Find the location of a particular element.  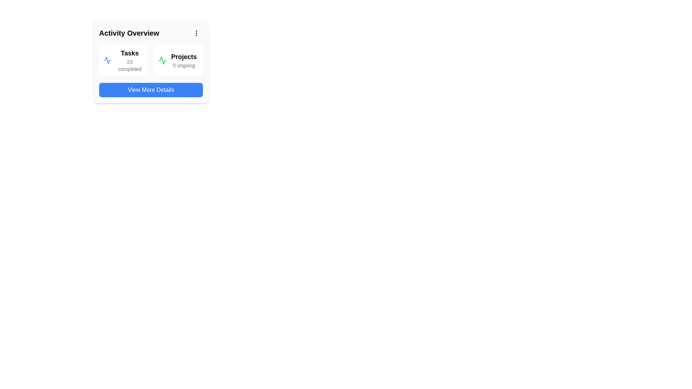

the small graphical activity wave icon with a green stroke located at the top-left corner of the 'Tasks' card in the 'Activity Overview' interface is located at coordinates (162, 60).